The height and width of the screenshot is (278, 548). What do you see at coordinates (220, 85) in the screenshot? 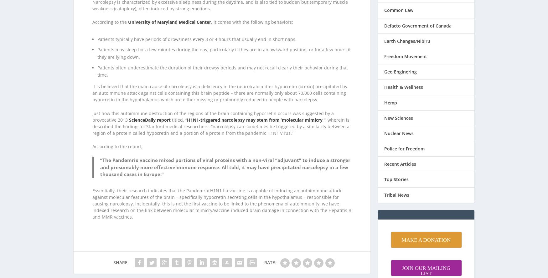
I see `'It is believed that the main cause of narcolepsy is a deficiency in the neurotransmitter hypocretin (orexin) precipitated by an autoimmune attack against cells containing this brain peptide – there are normally only about 70,000 cells containing hypocretin in the hypothalamus which are either missing or profoundly reduced in people with narcolepsy.'` at bounding box center [220, 85].